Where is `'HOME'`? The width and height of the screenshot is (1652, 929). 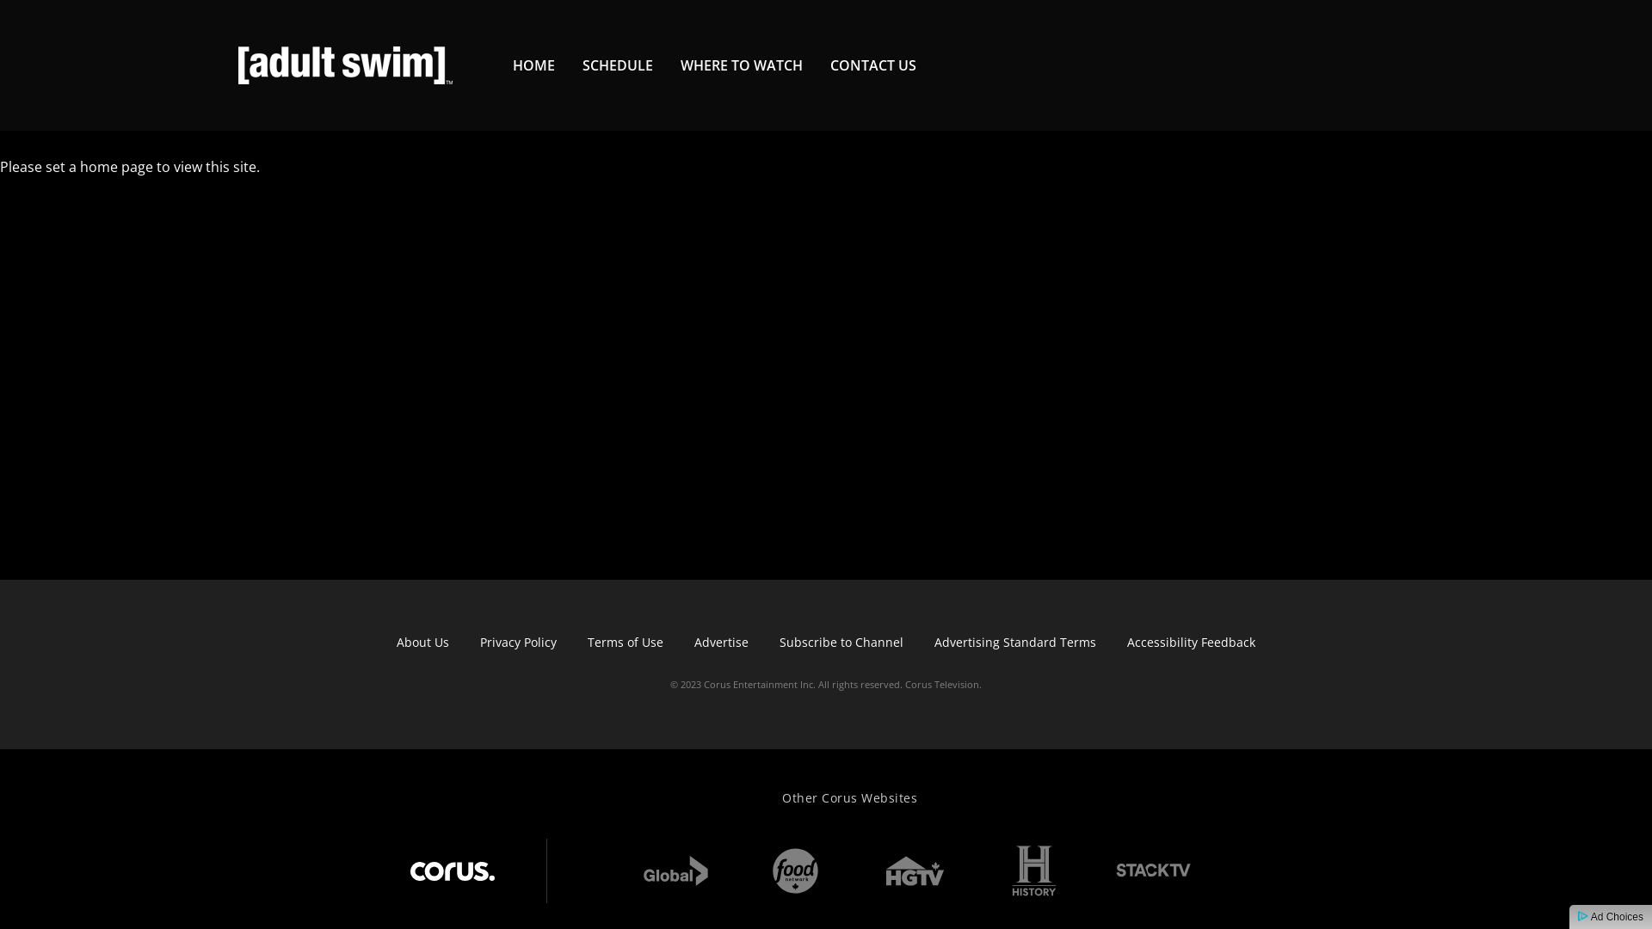
'HOME' is located at coordinates (511, 65).